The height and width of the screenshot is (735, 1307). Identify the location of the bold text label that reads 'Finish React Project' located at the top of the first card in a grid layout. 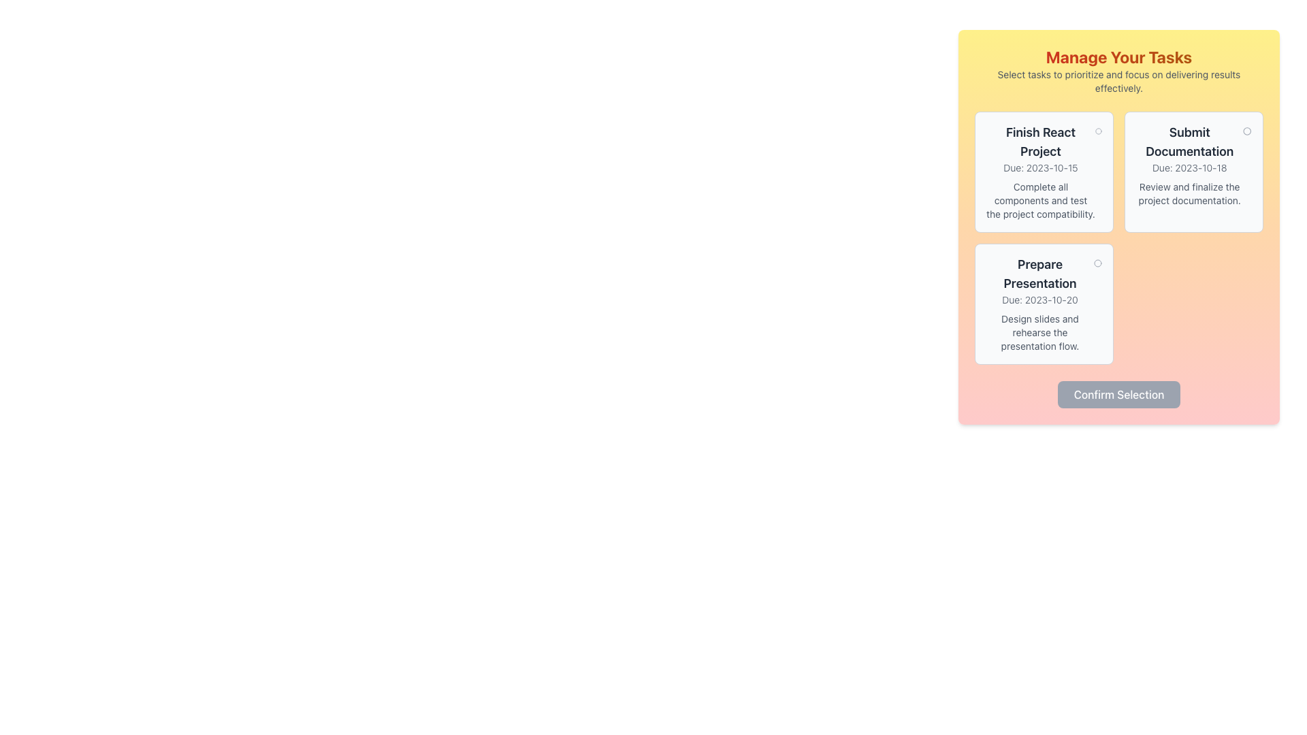
(1040, 142).